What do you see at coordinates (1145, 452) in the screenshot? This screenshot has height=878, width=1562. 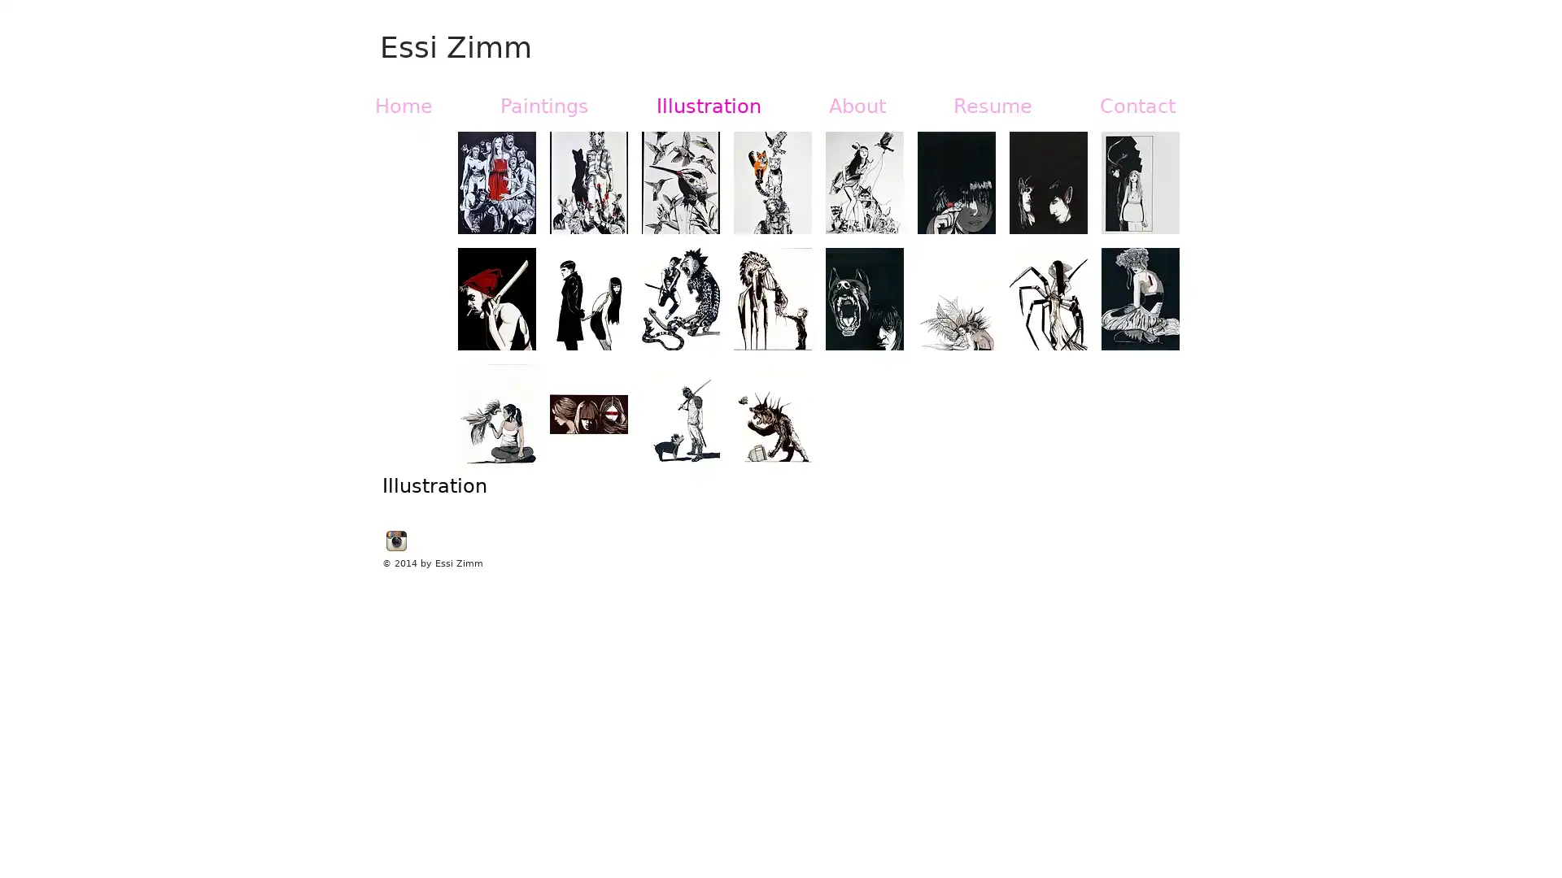 I see `play` at bounding box center [1145, 452].